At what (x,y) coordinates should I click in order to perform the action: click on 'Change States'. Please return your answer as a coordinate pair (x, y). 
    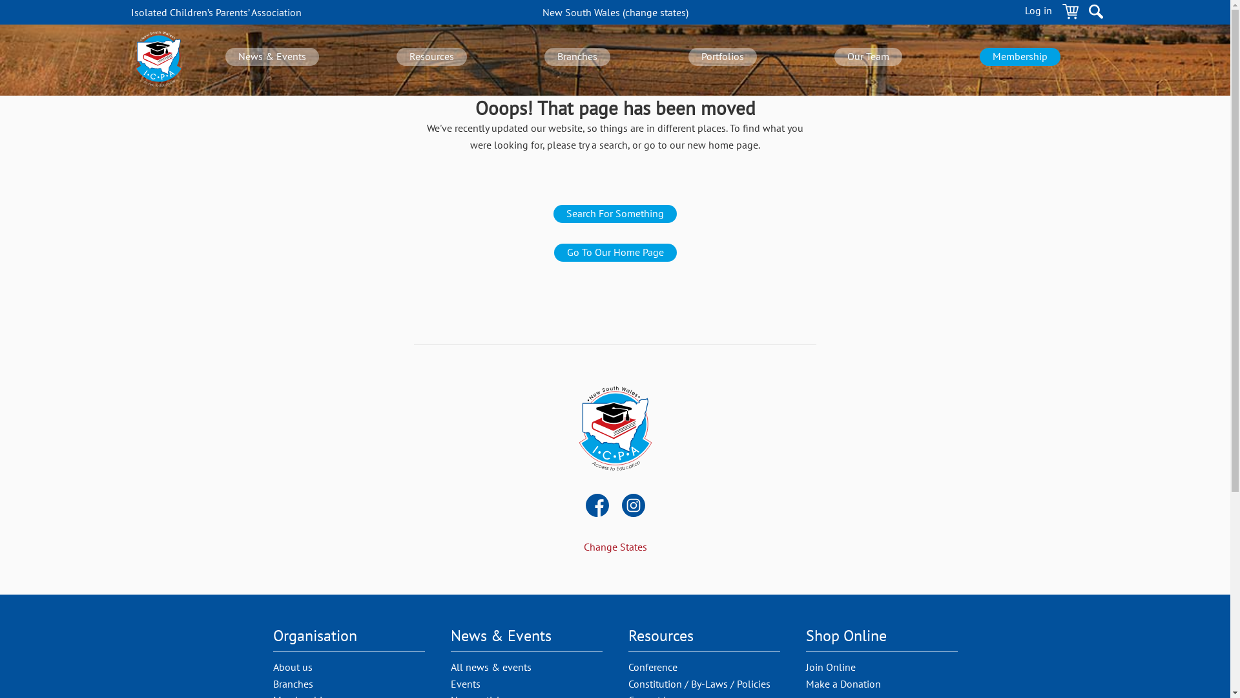
    Looking at the image, I should click on (615, 546).